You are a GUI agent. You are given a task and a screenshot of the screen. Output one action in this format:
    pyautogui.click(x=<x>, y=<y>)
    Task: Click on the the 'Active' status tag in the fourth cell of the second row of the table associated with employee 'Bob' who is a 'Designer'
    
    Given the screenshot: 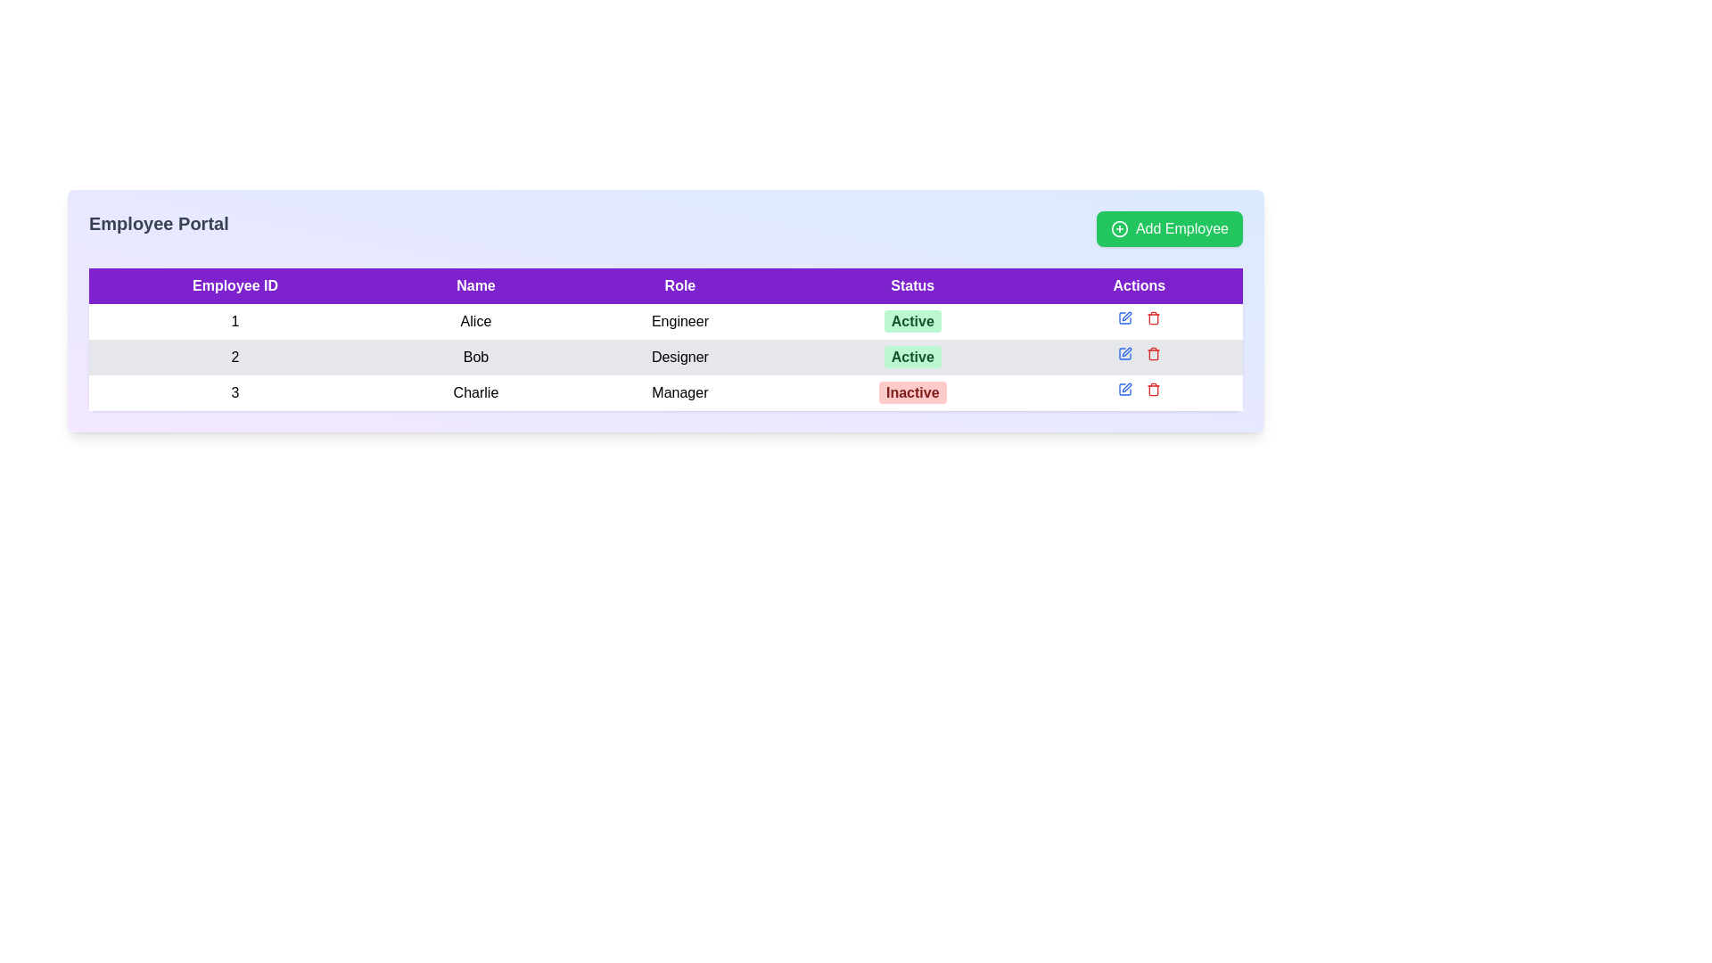 What is the action you would take?
    pyautogui.click(x=912, y=358)
    